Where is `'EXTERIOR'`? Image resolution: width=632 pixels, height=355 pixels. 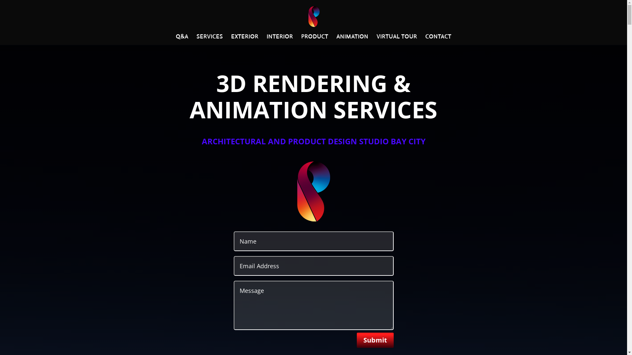
'EXTERIOR' is located at coordinates (244, 39).